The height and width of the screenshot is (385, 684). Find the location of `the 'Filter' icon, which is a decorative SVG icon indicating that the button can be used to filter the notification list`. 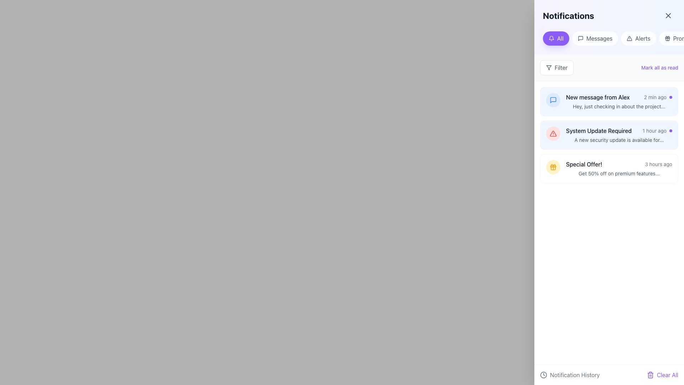

the 'Filter' icon, which is a decorative SVG icon indicating that the button can be used to filter the notification list is located at coordinates (548, 67).